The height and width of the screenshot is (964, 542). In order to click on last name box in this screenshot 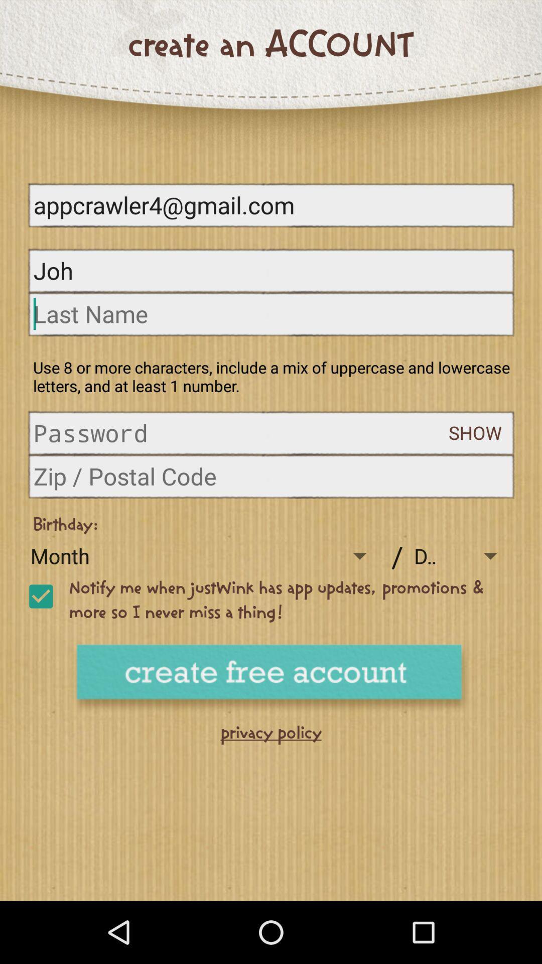, I will do `click(271, 313)`.